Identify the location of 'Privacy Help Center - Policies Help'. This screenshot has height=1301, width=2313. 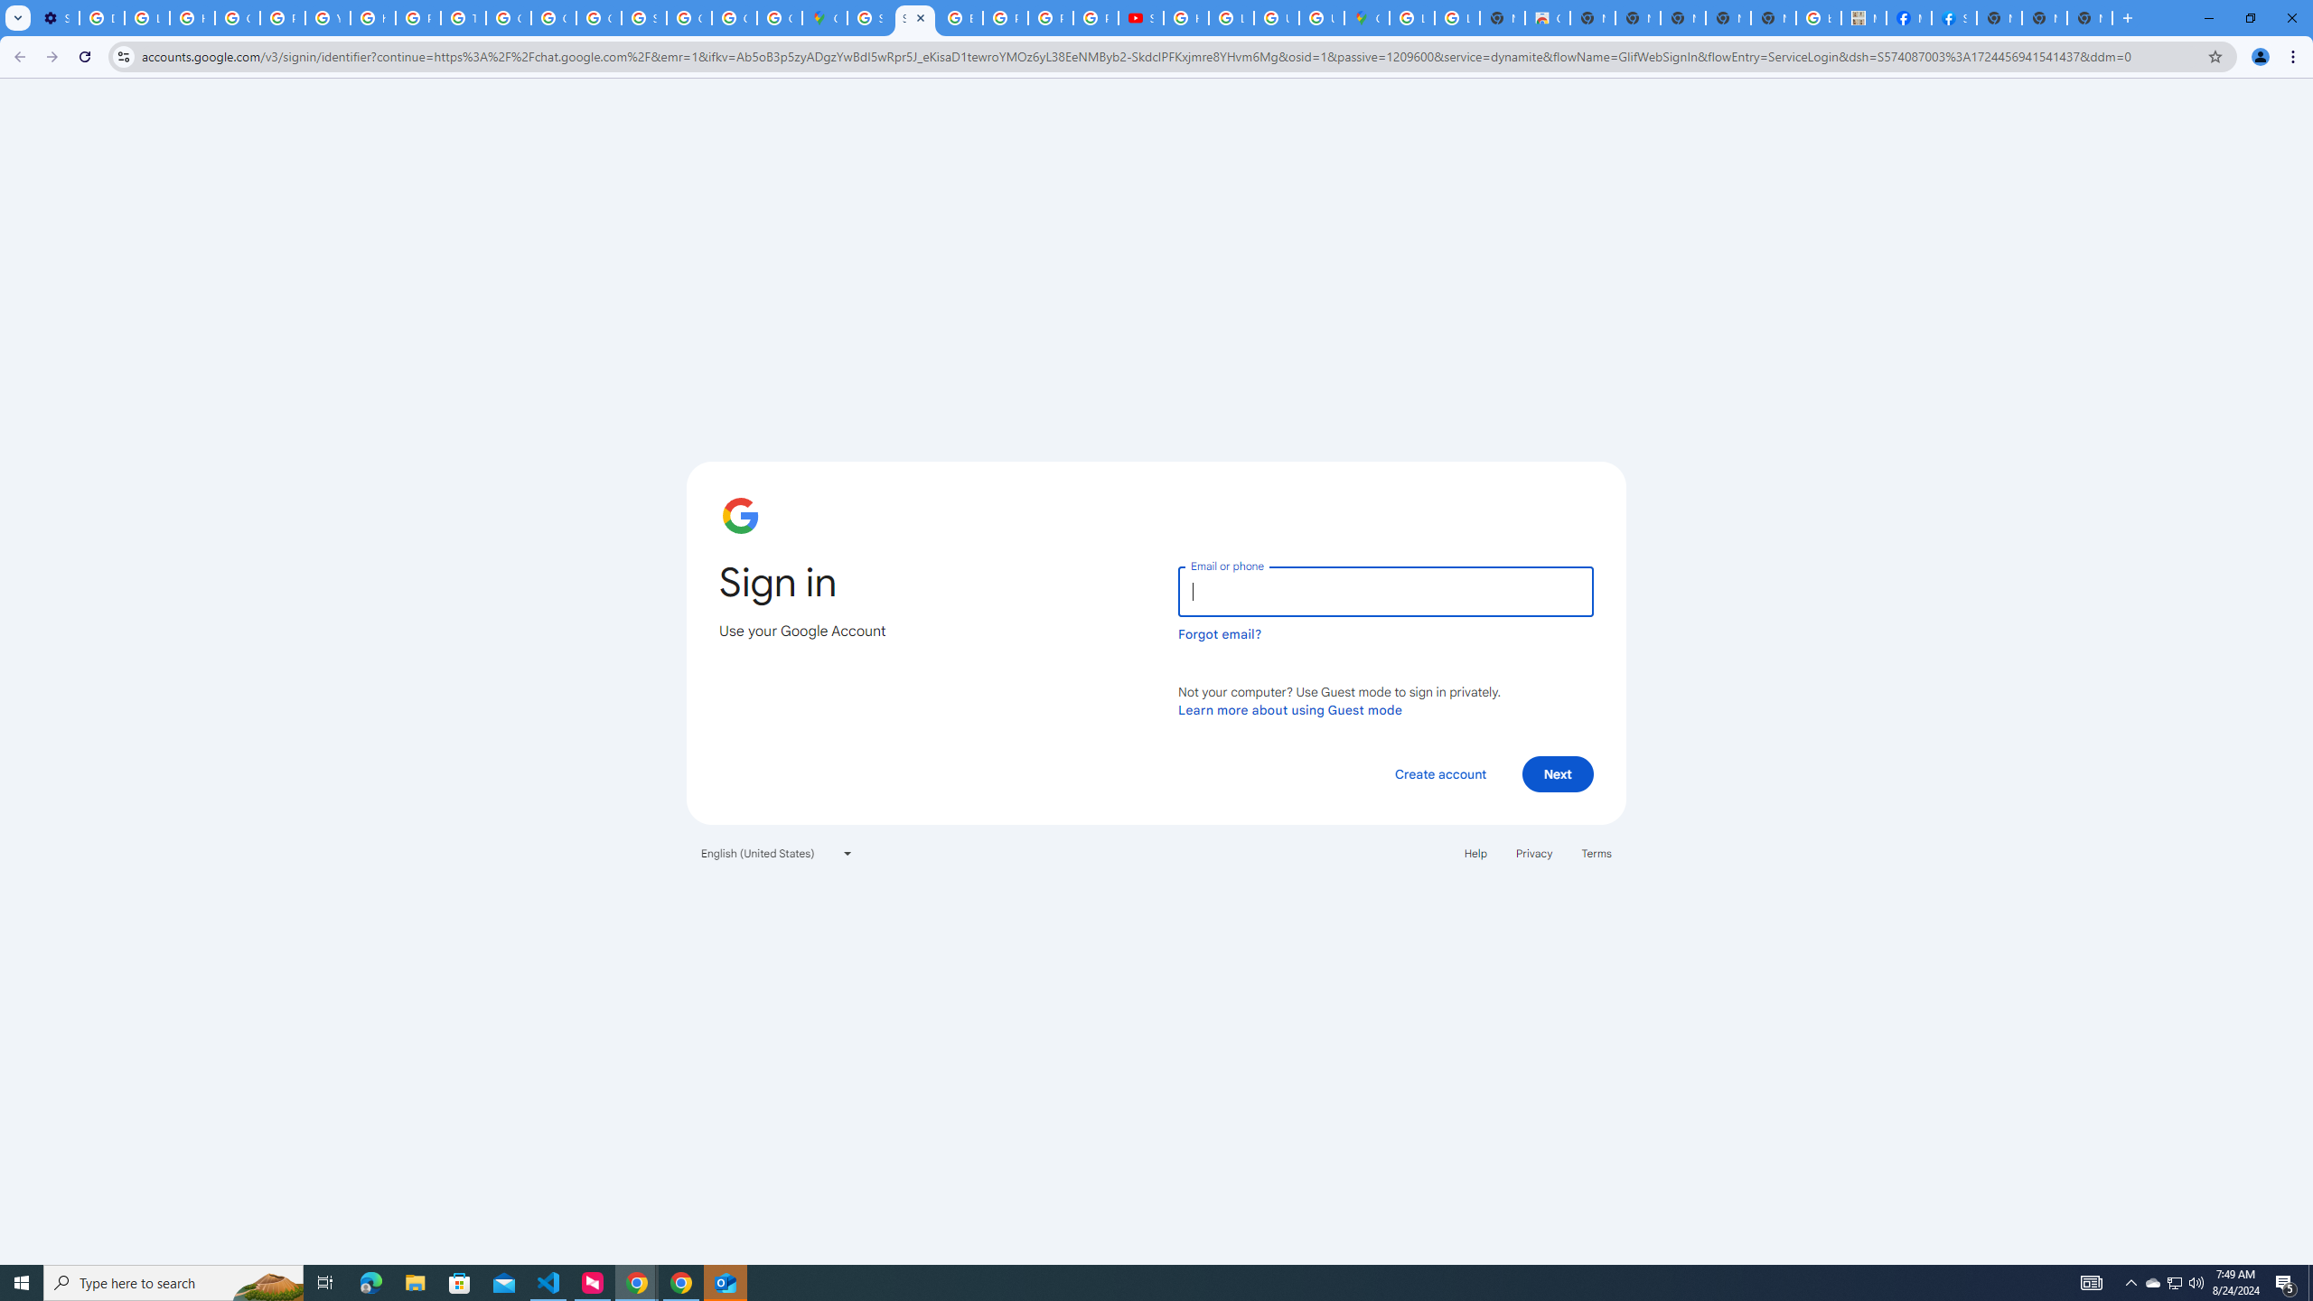
(283, 17).